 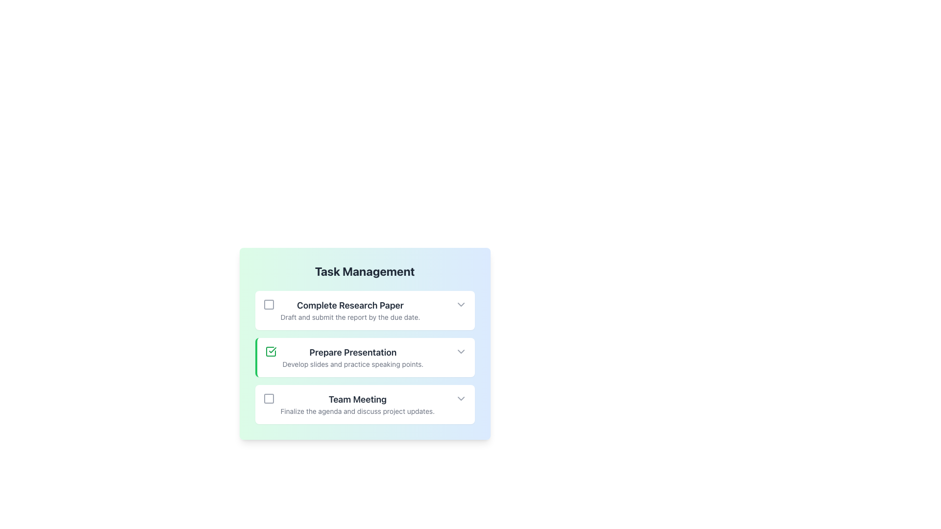 What do you see at coordinates (269, 398) in the screenshot?
I see `the unselected checkbox for the task 'Team Meeting'` at bounding box center [269, 398].